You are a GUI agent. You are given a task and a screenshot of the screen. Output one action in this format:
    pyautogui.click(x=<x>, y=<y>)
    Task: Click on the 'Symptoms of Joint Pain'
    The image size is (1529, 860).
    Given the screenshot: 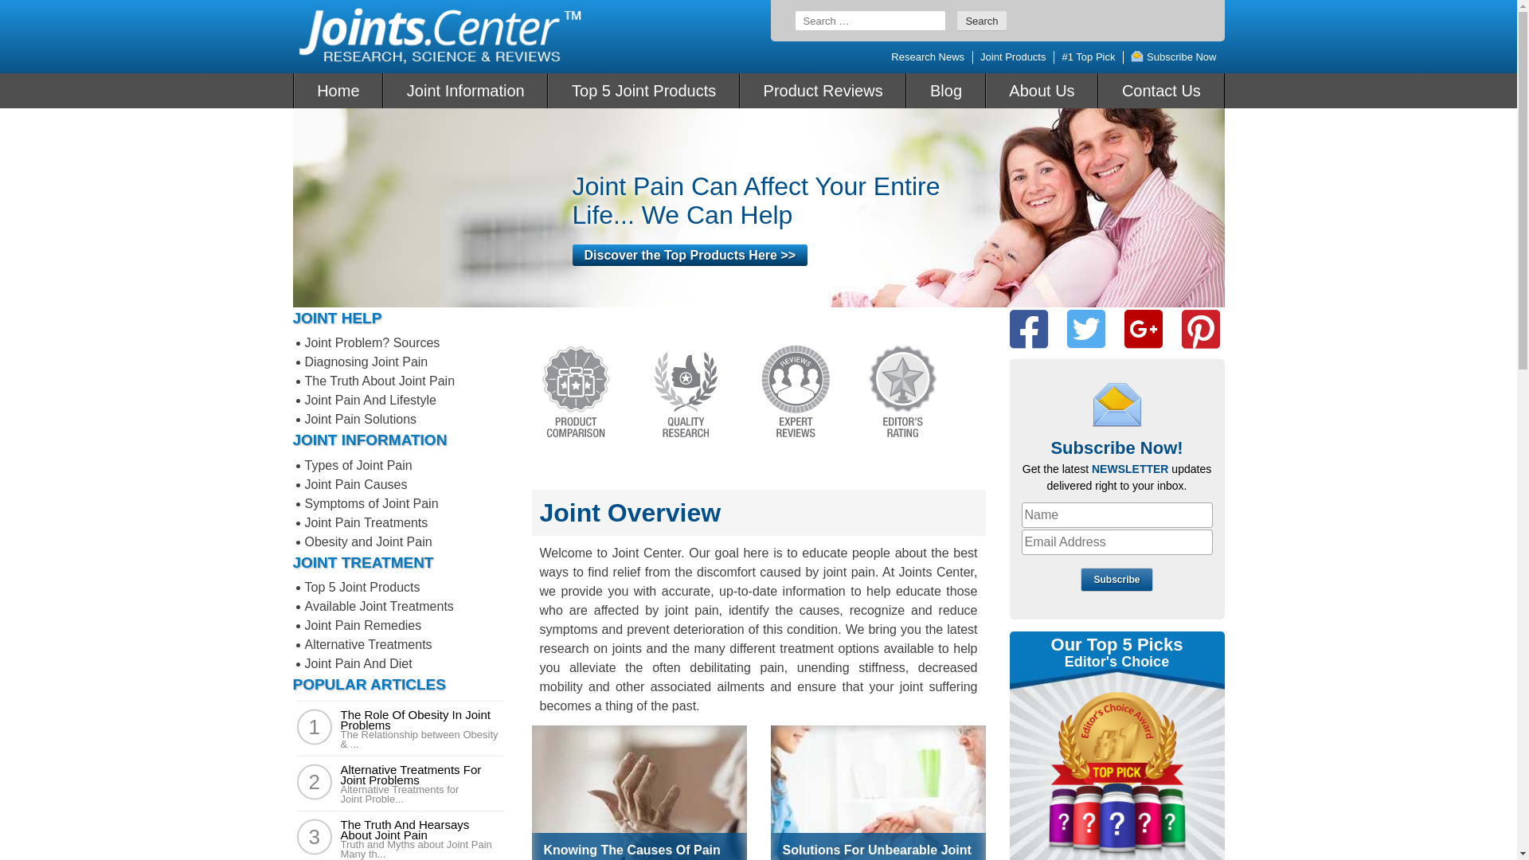 What is the action you would take?
    pyautogui.click(x=370, y=503)
    